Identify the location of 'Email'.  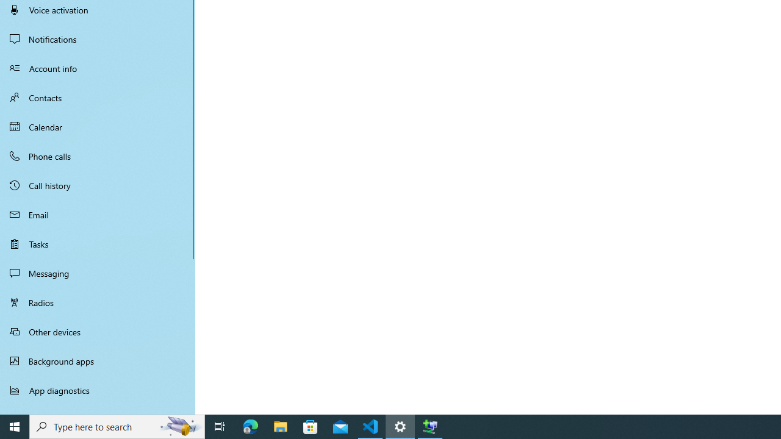
(98, 214).